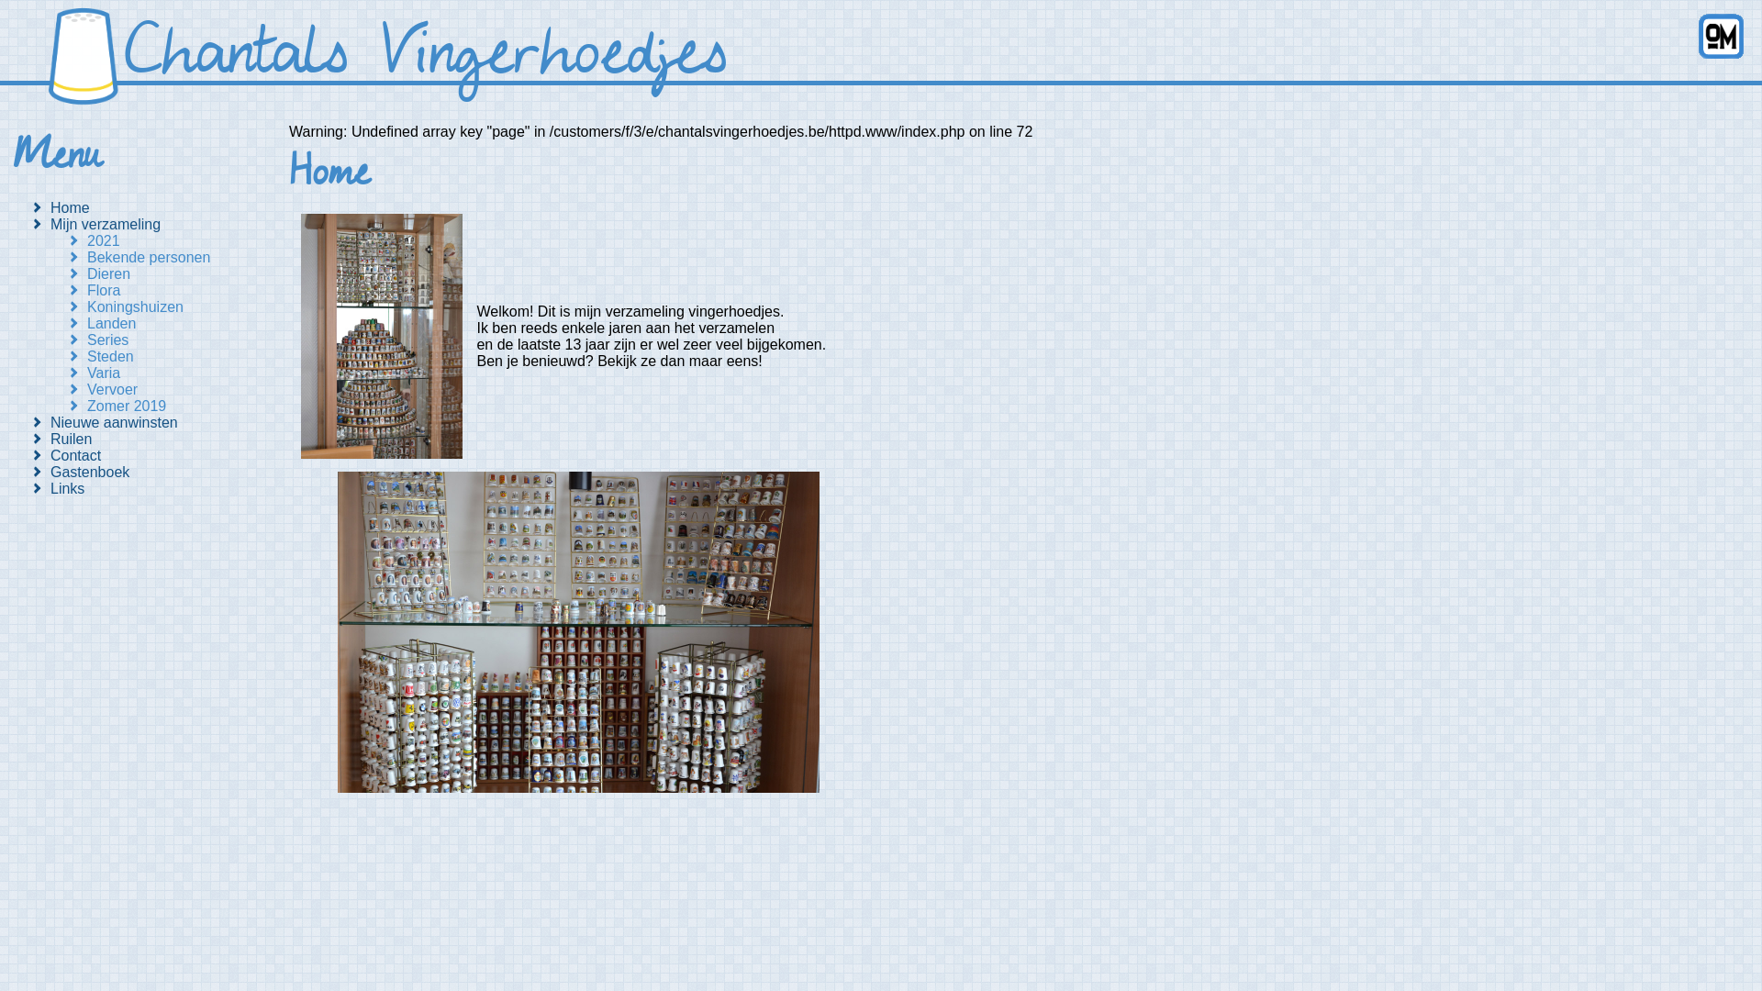  I want to click on 'Zomer 2019', so click(174, 406).